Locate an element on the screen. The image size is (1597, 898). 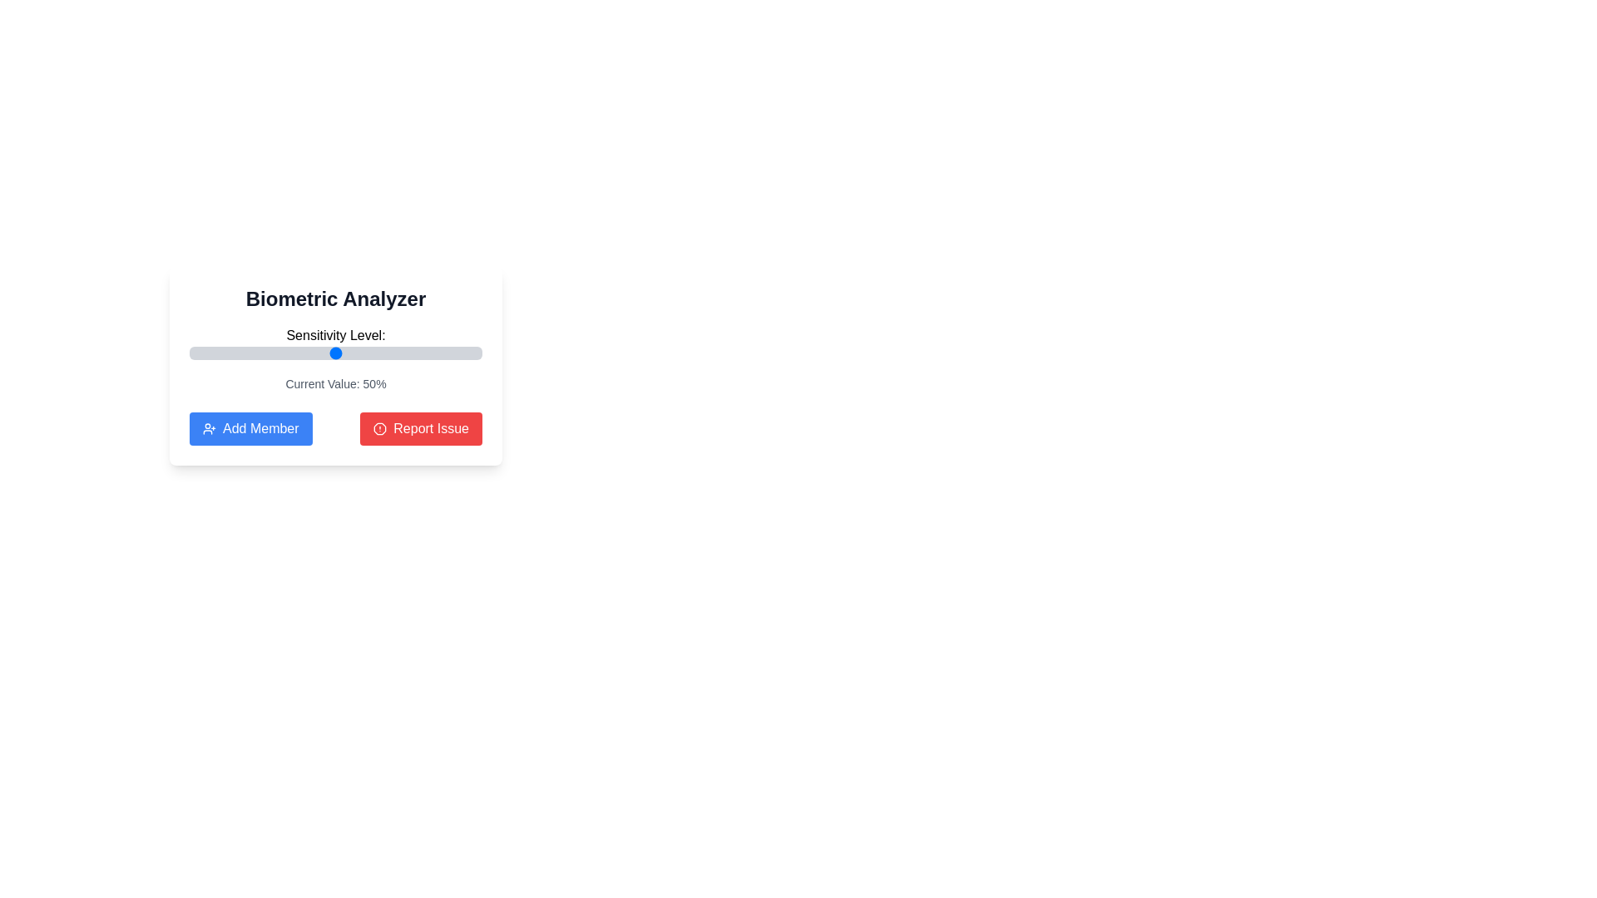
the 'Report Issue' icon is located at coordinates (379, 428).